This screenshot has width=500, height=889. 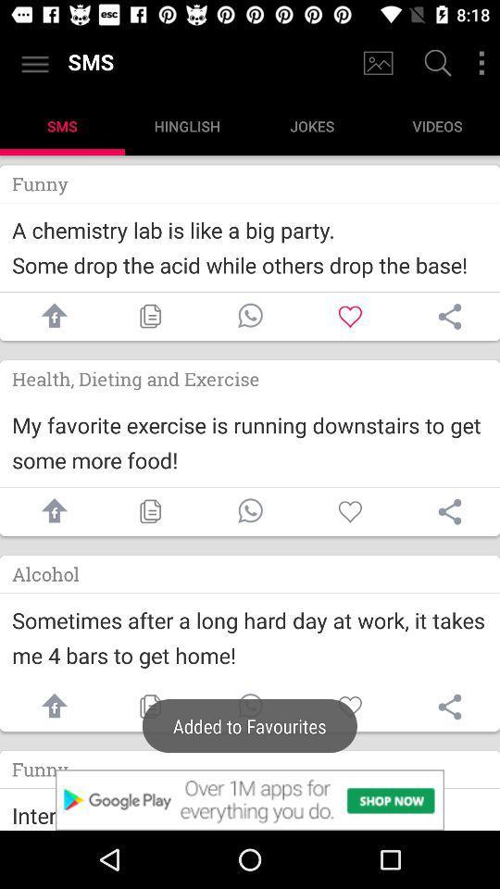 What do you see at coordinates (435, 65) in the screenshot?
I see `search button` at bounding box center [435, 65].